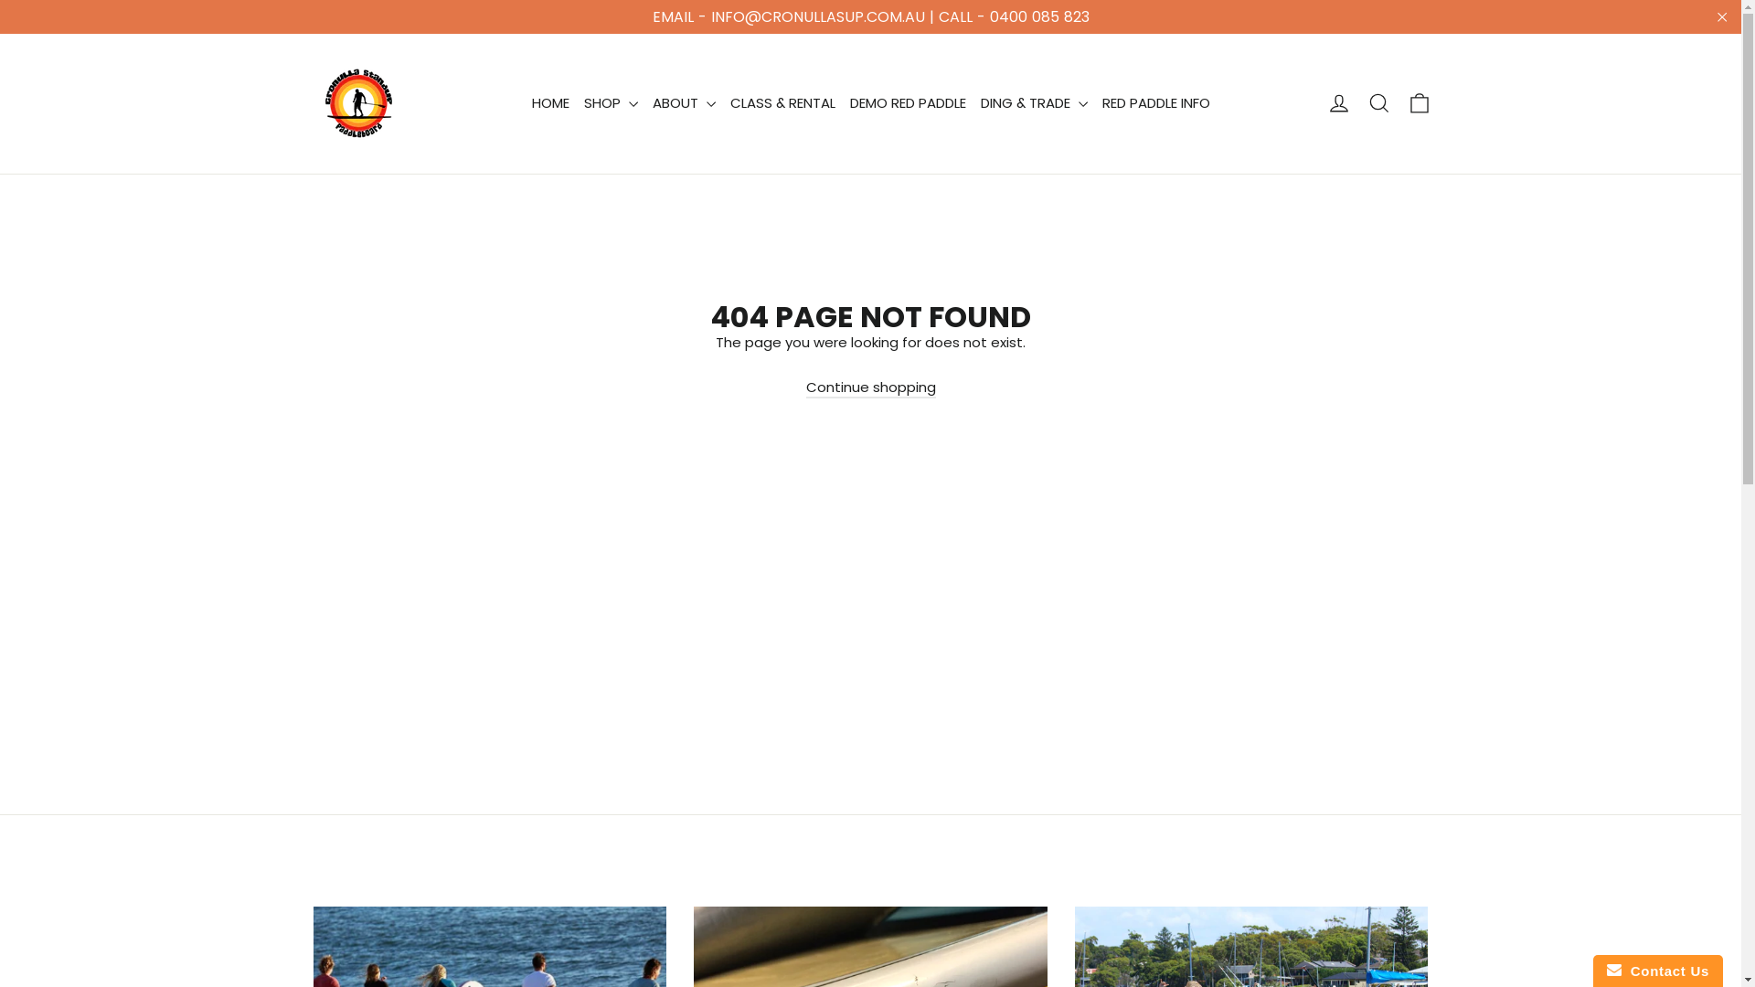  Describe the element at coordinates (683, 102) in the screenshot. I see `'ABOUT'` at that location.